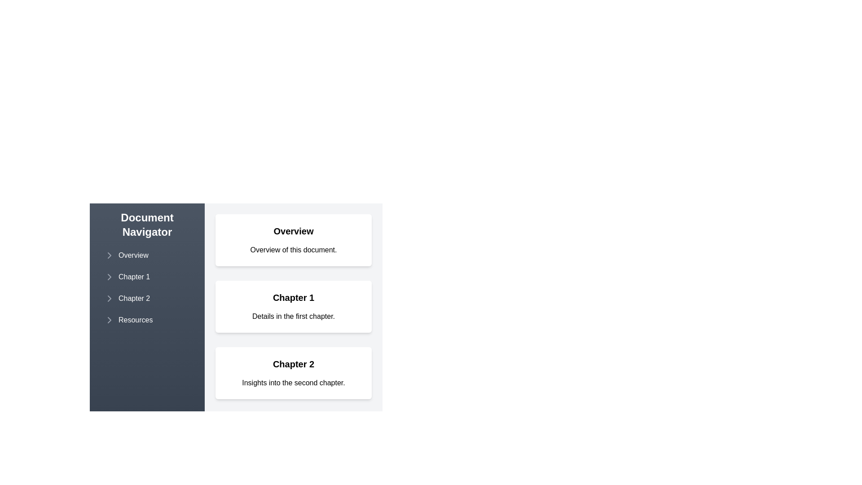  Describe the element at coordinates (147, 277) in the screenshot. I see `the 'Chapter 1' menu entry in the vertical navigation menu to possibly reveal additional information` at that location.